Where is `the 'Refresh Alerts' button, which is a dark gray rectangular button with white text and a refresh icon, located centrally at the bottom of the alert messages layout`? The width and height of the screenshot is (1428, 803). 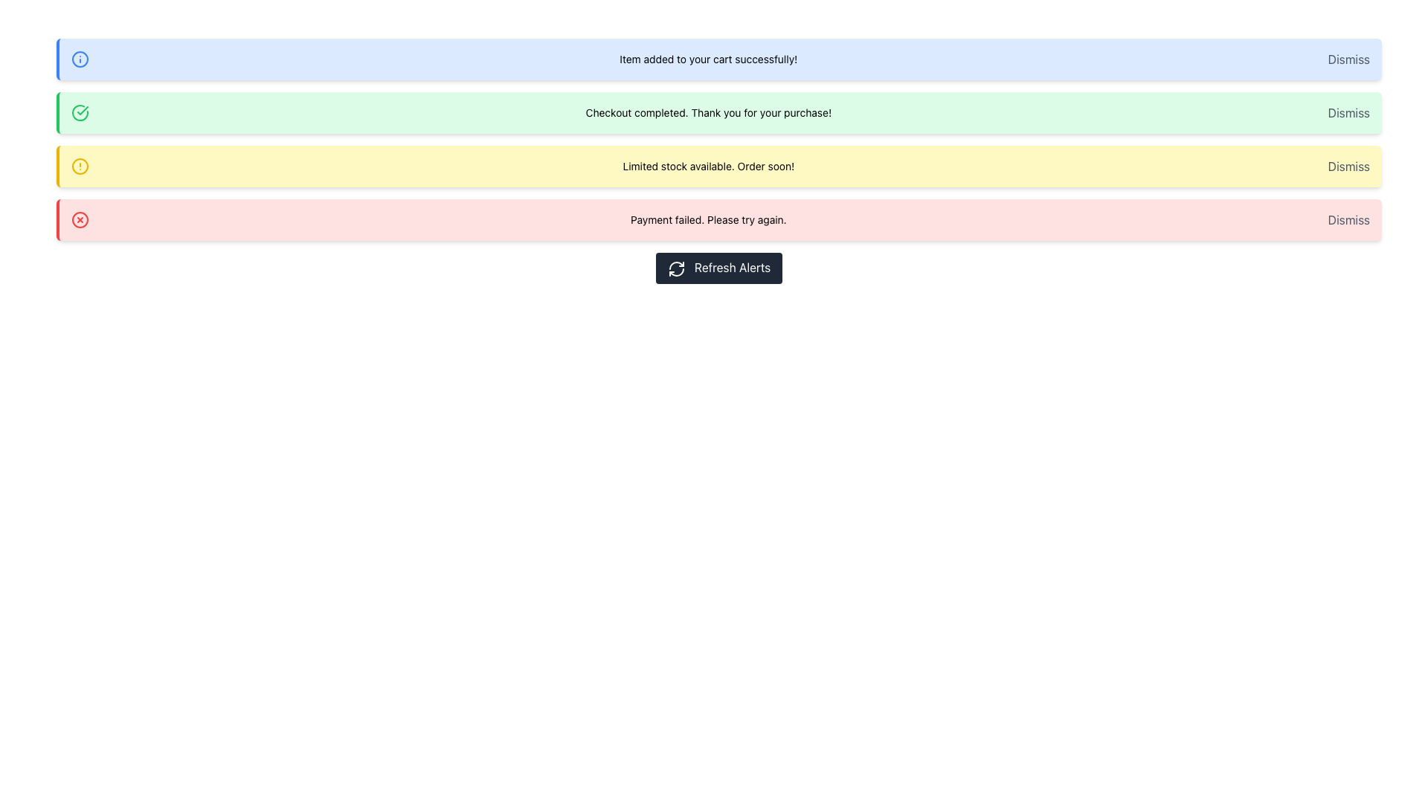 the 'Refresh Alerts' button, which is a dark gray rectangular button with white text and a refresh icon, located centrally at the bottom of the alert messages layout is located at coordinates (718, 266).